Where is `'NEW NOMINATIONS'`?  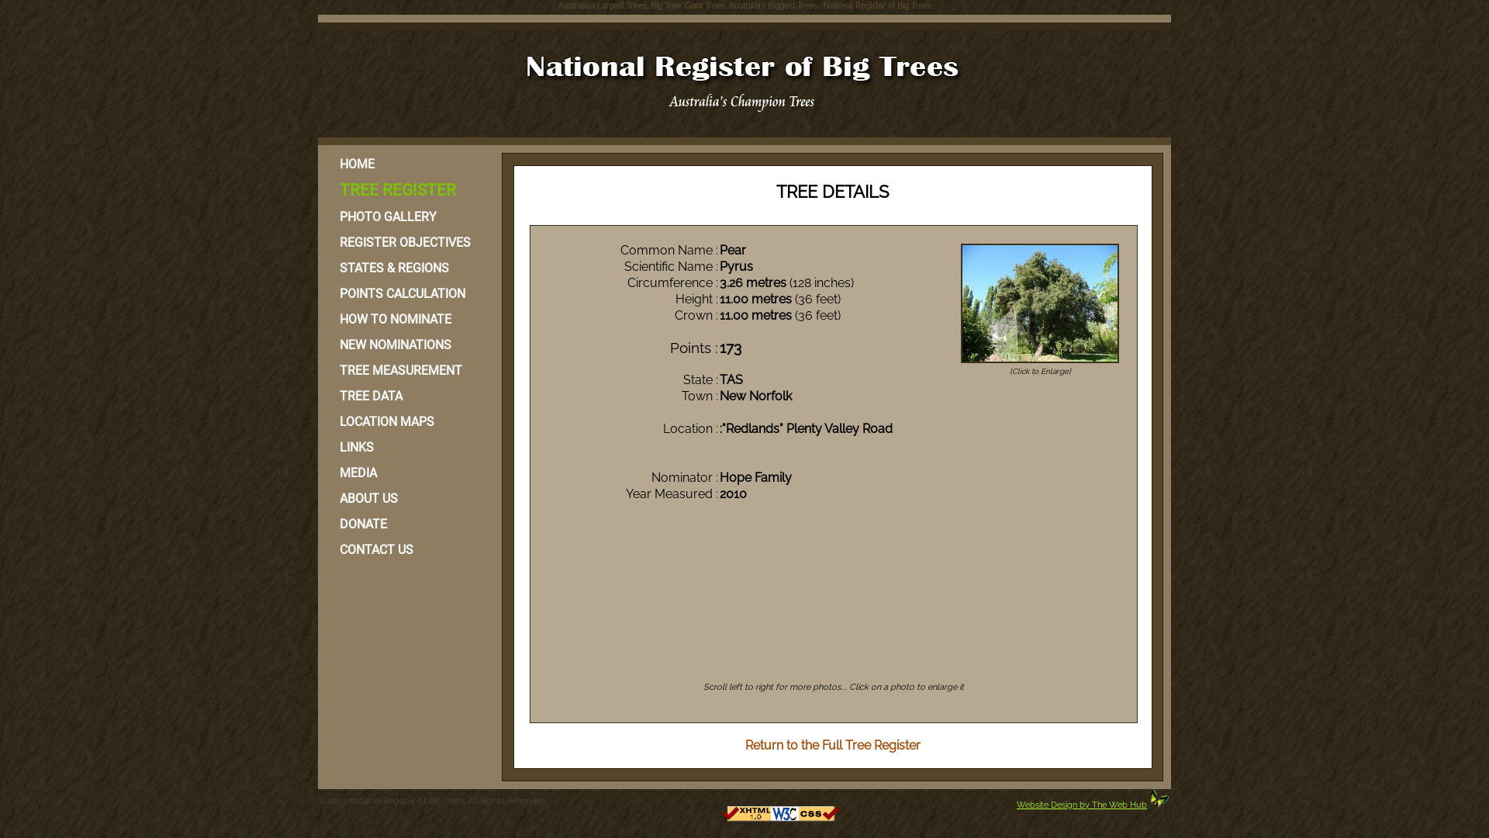
'NEW NOMINATIONS' is located at coordinates (408, 344).